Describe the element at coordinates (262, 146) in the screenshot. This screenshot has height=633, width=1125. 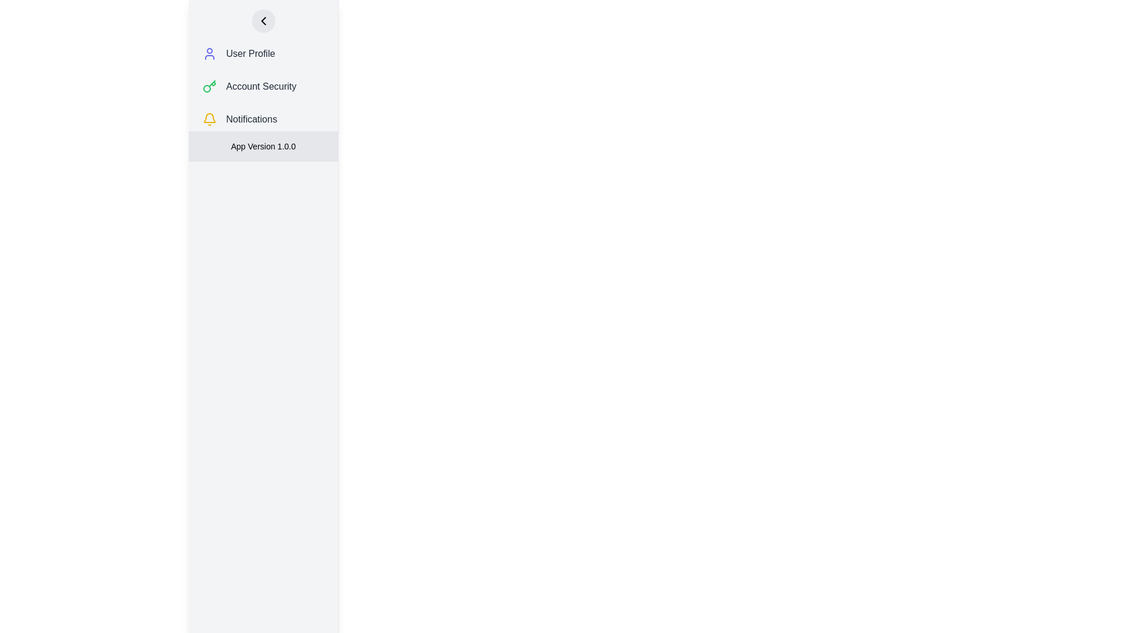
I see `the static text label displaying 'App Version 1.0.0' located at the bottom of the interface in the sticky footer section` at that location.